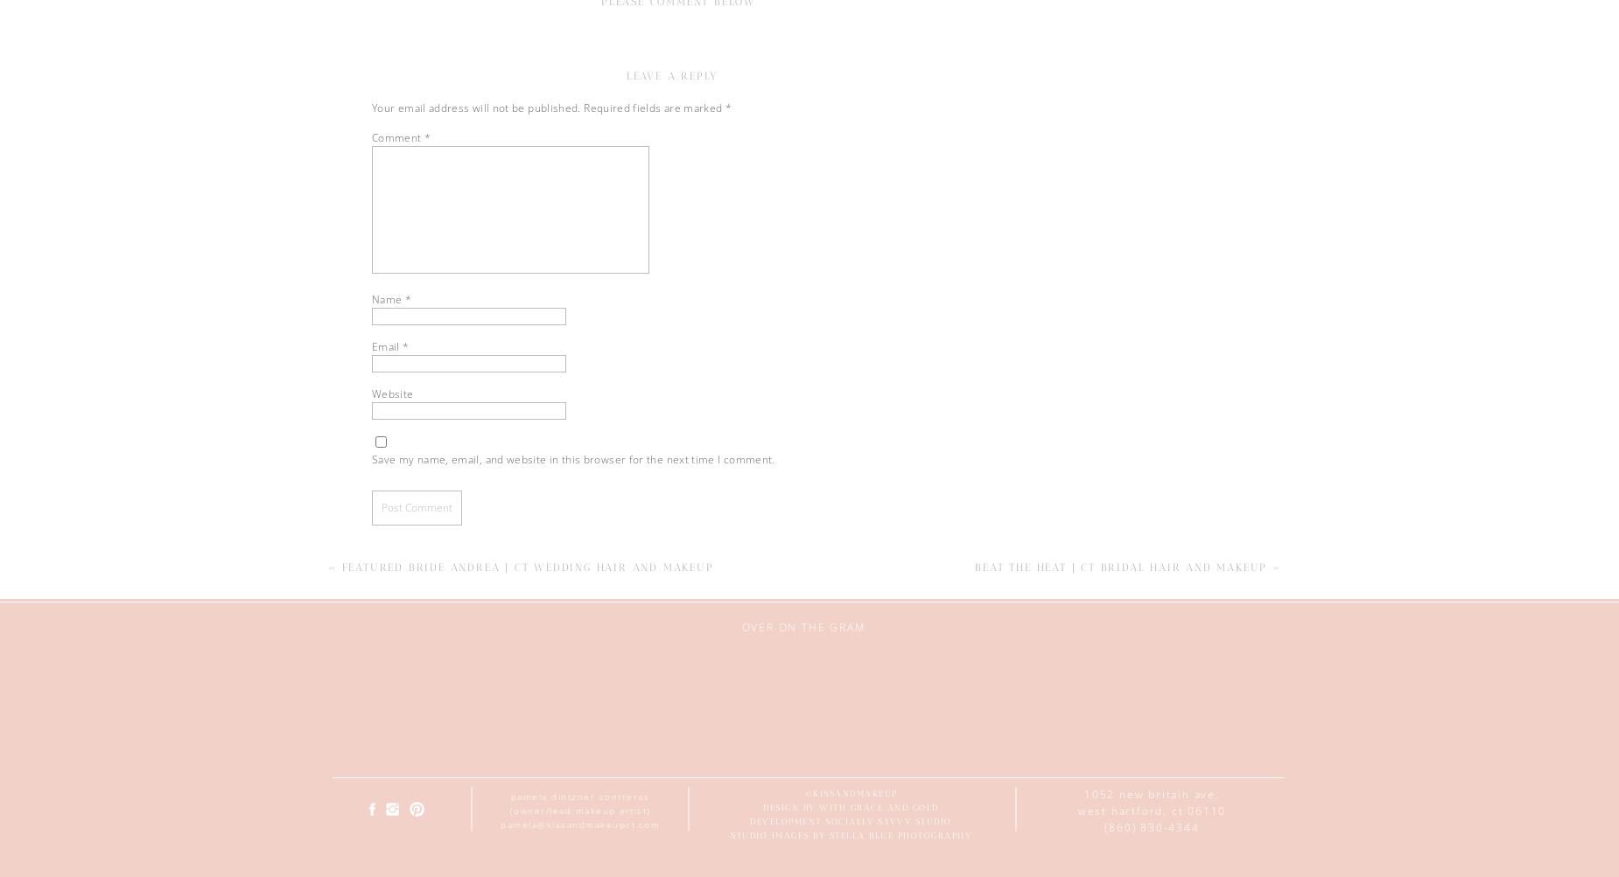 The height and width of the screenshot is (877, 1619). Describe the element at coordinates (527, 567) in the screenshot. I see `'Featured Bride Andrea | CT Wedding Hair and Makeup'` at that location.